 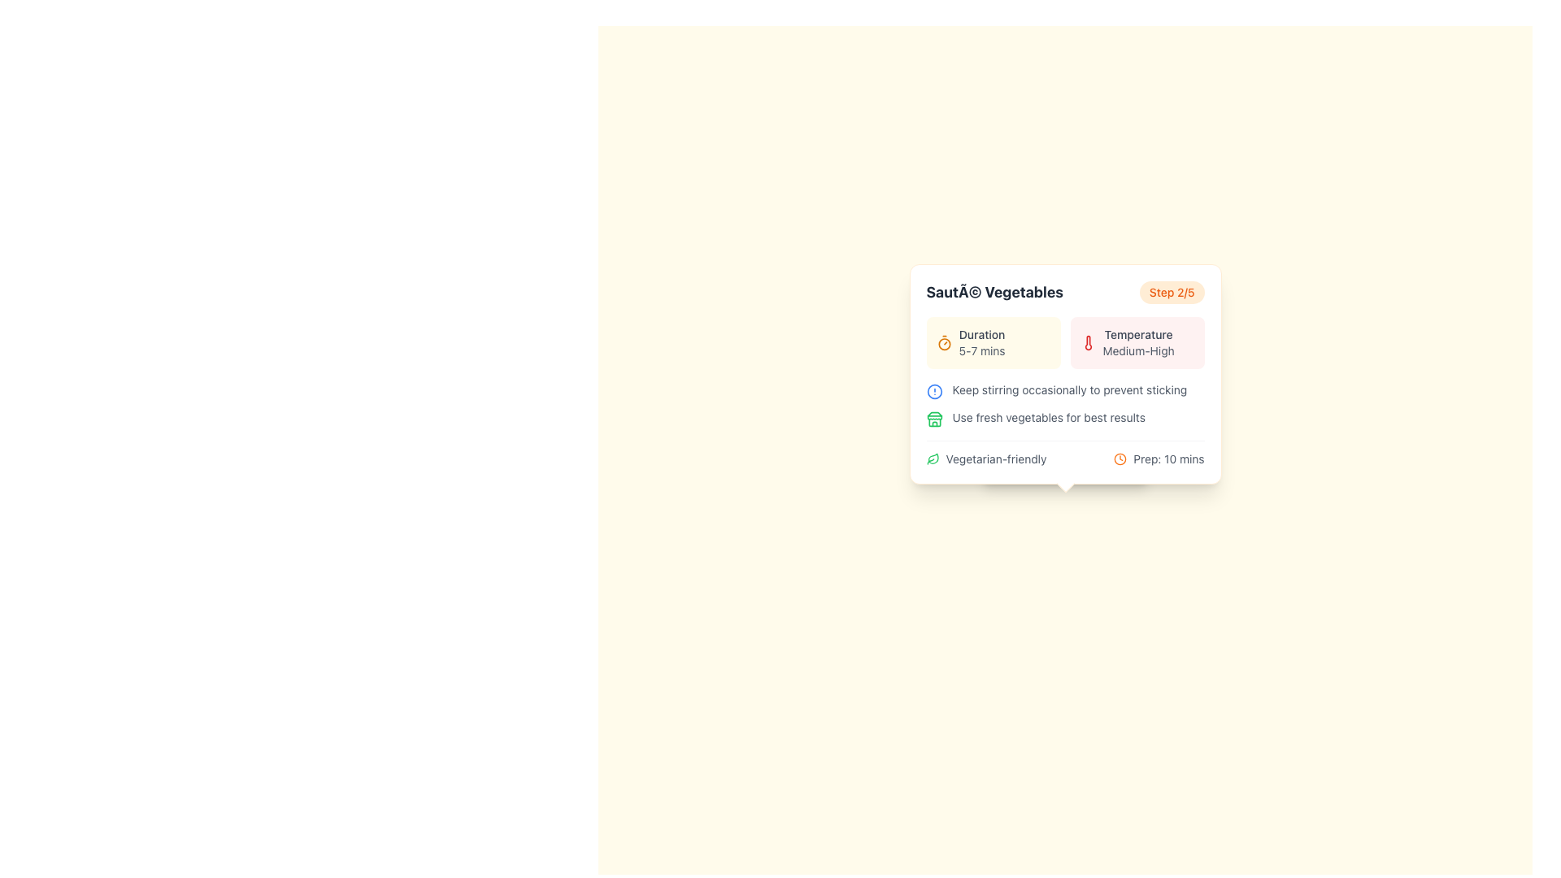 What do you see at coordinates (1088, 341) in the screenshot?
I see `the red thermometer icon associated with the 'Temperature' section, located to the left of the text 'Medium-High'` at bounding box center [1088, 341].